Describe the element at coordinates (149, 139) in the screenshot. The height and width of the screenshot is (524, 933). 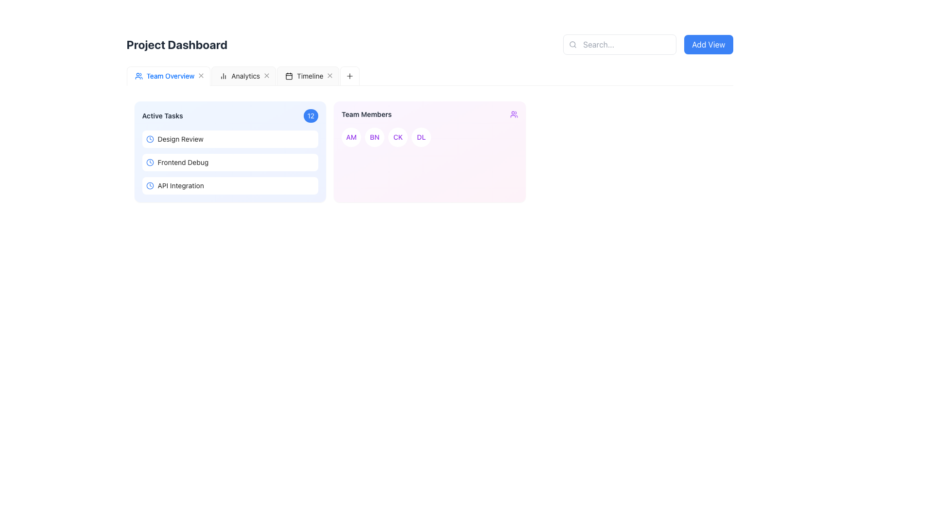
I see `the circular portion of the SVG clock icon located in the 'Active Tasks' section, which is adjacent to 'Frontend Debug' and 'API Integration' within the blue background card` at that location.